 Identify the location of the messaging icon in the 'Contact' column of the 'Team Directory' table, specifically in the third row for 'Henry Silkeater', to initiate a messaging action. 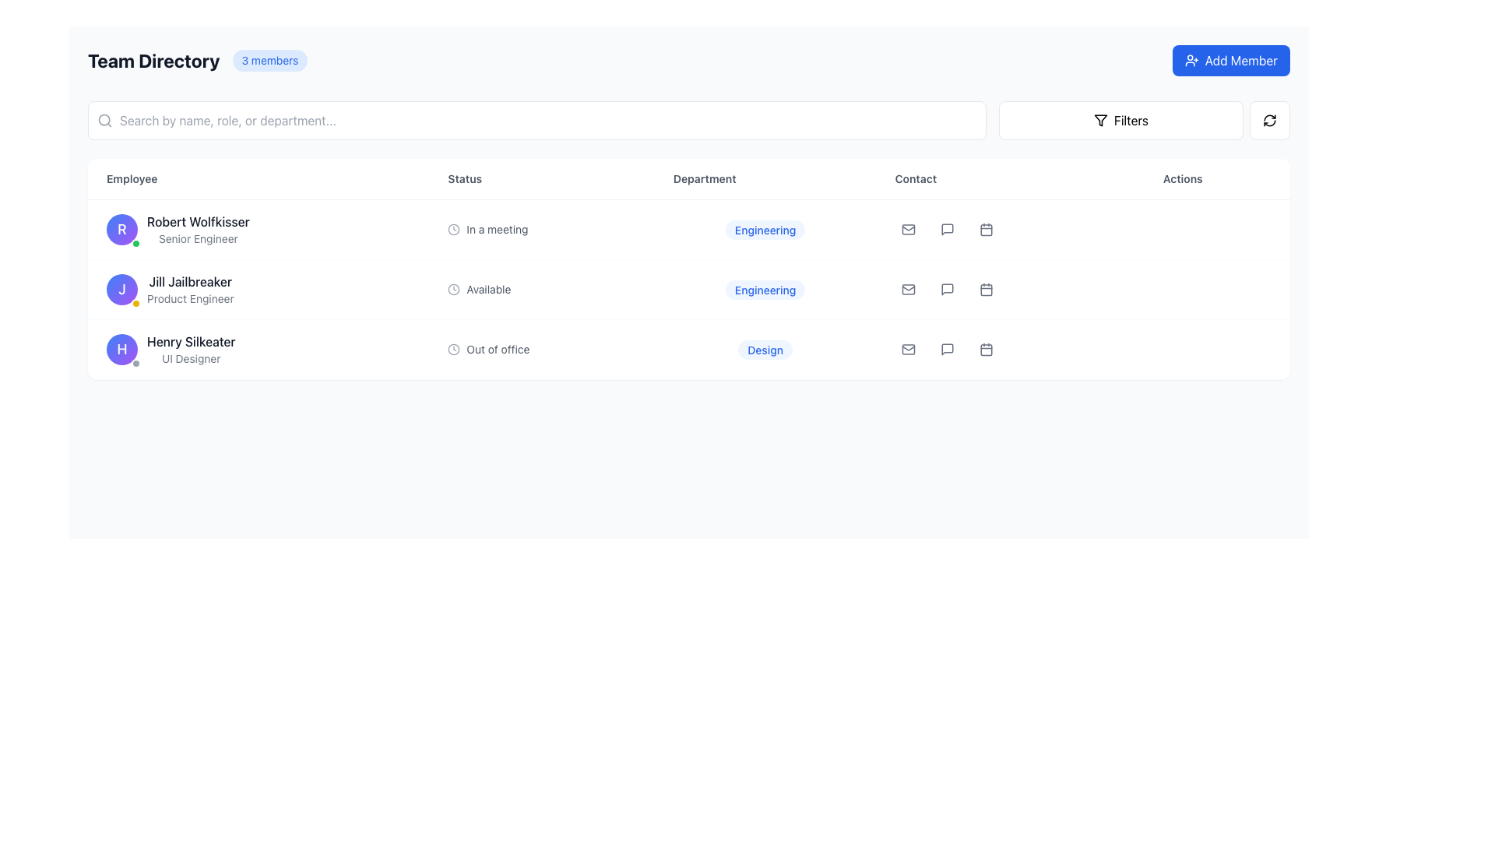
(946, 348).